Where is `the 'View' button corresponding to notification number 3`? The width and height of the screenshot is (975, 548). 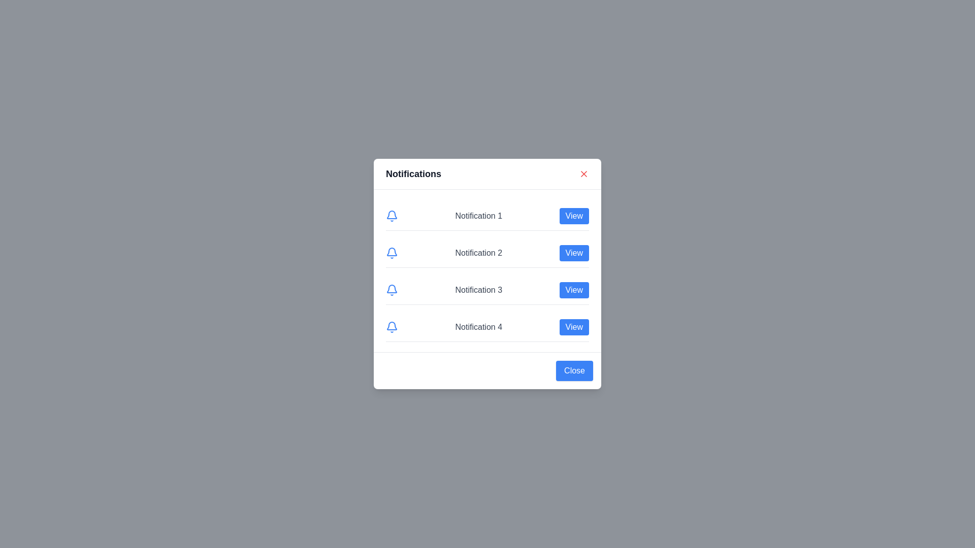 the 'View' button corresponding to notification number 3 is located at coordinates (574, 290).